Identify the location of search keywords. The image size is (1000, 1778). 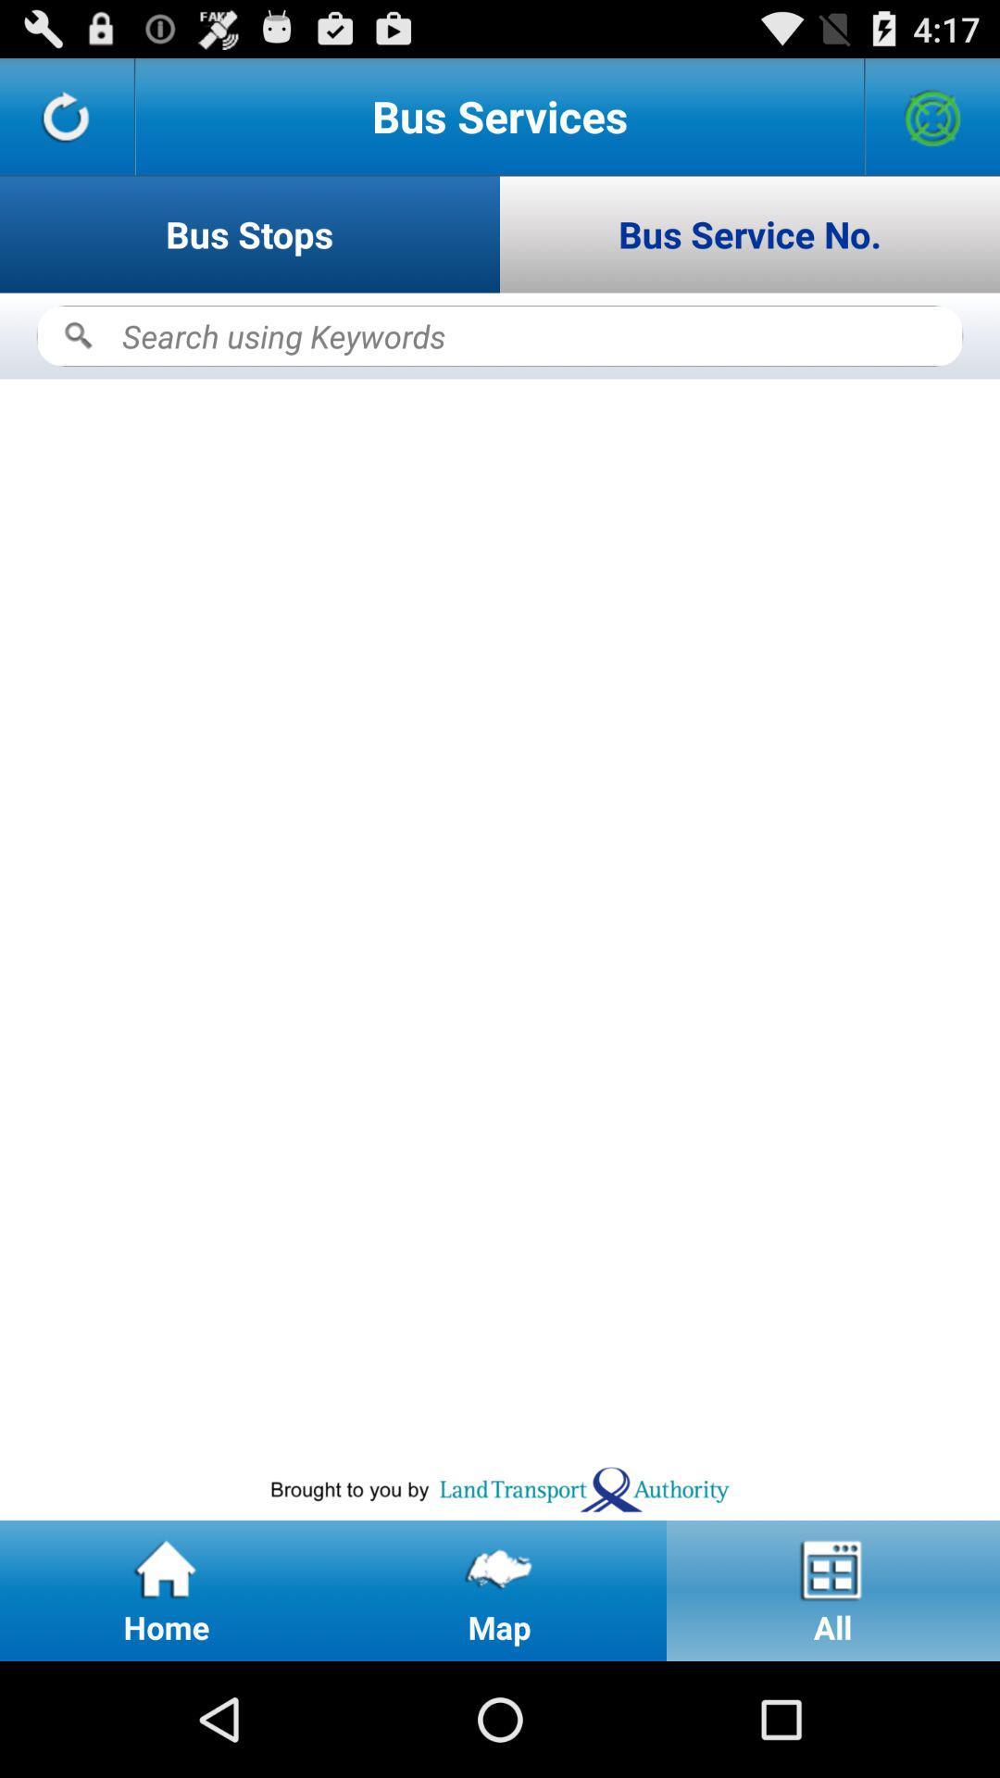
(500, 336).